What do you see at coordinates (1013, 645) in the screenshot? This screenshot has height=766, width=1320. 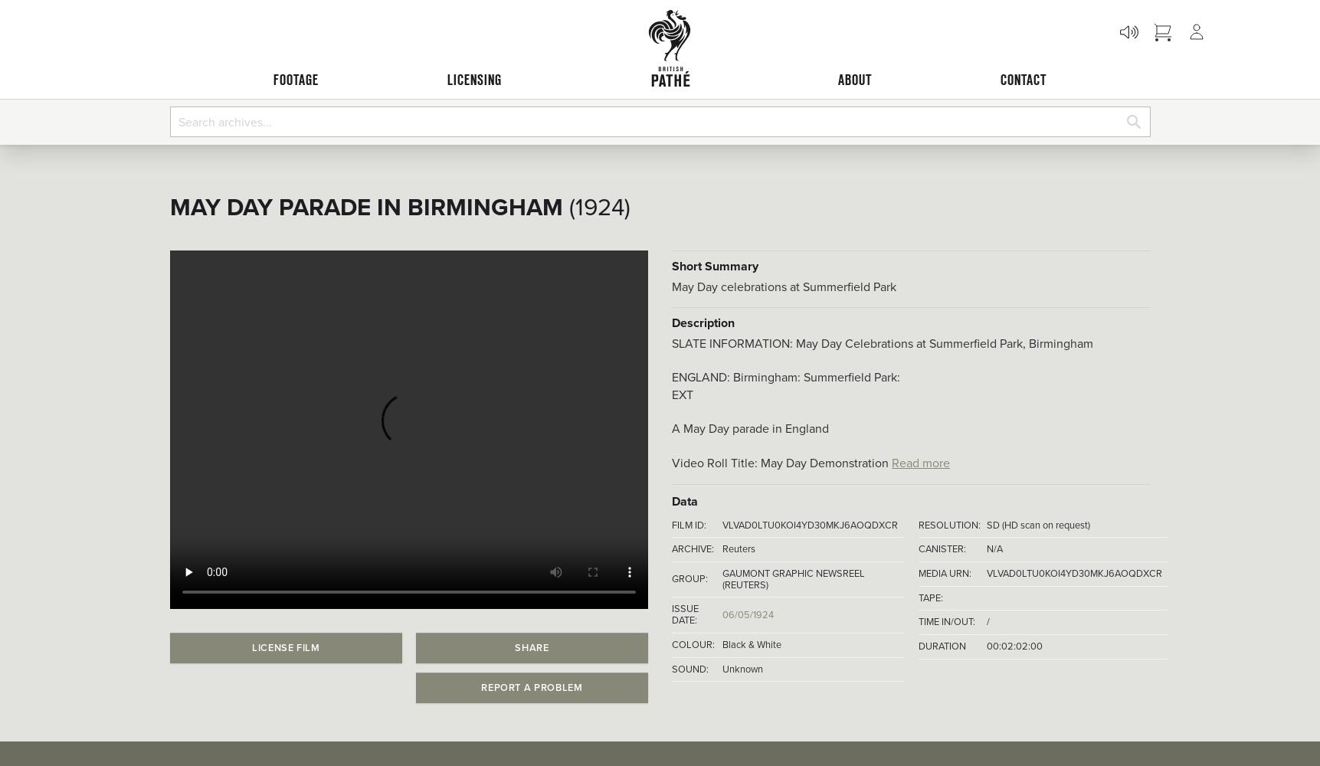 I see `'00:02:02:00'` at bounding box center [1013, 645].